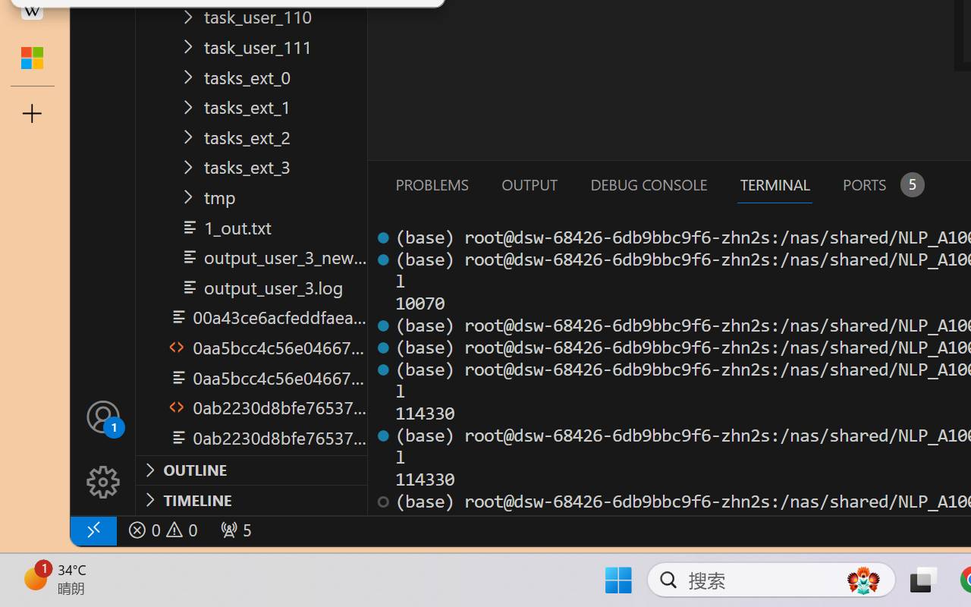 Image resolution: width=971 pixels, height=607 pixels. Describe the element at coordinates (648, 184) in the screenshot. I see `'Debug Console (Ctrl+Shift+Y)'` at that location.